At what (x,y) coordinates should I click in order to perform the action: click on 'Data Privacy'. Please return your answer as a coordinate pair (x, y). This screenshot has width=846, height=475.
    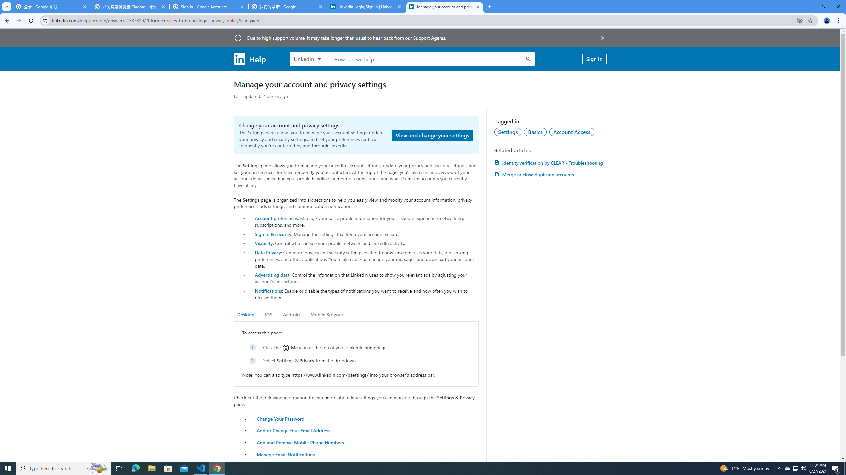
    Looking at the image, I should click on (268, 252).